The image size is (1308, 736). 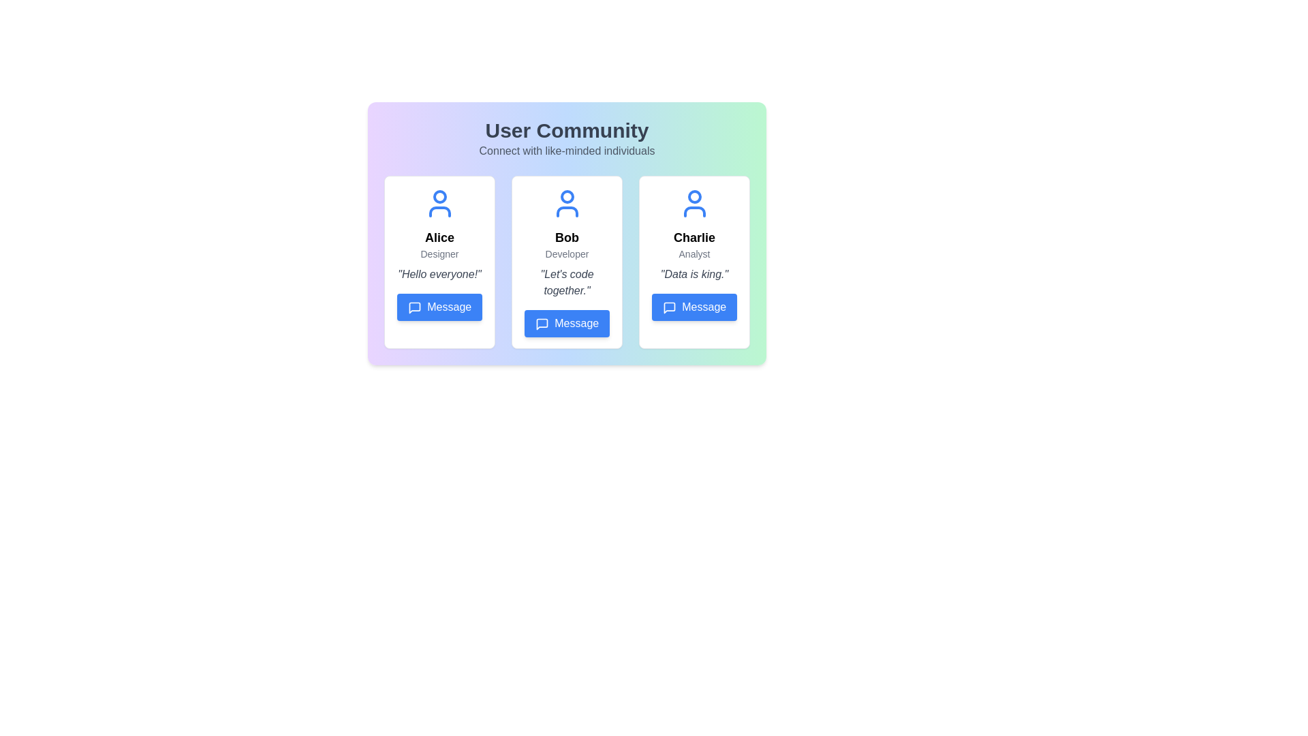 I want to click on the Text Block that serves as the title for the 'User Community' card, which is located at the top center with a gradient background, so click(x=567, y=139).